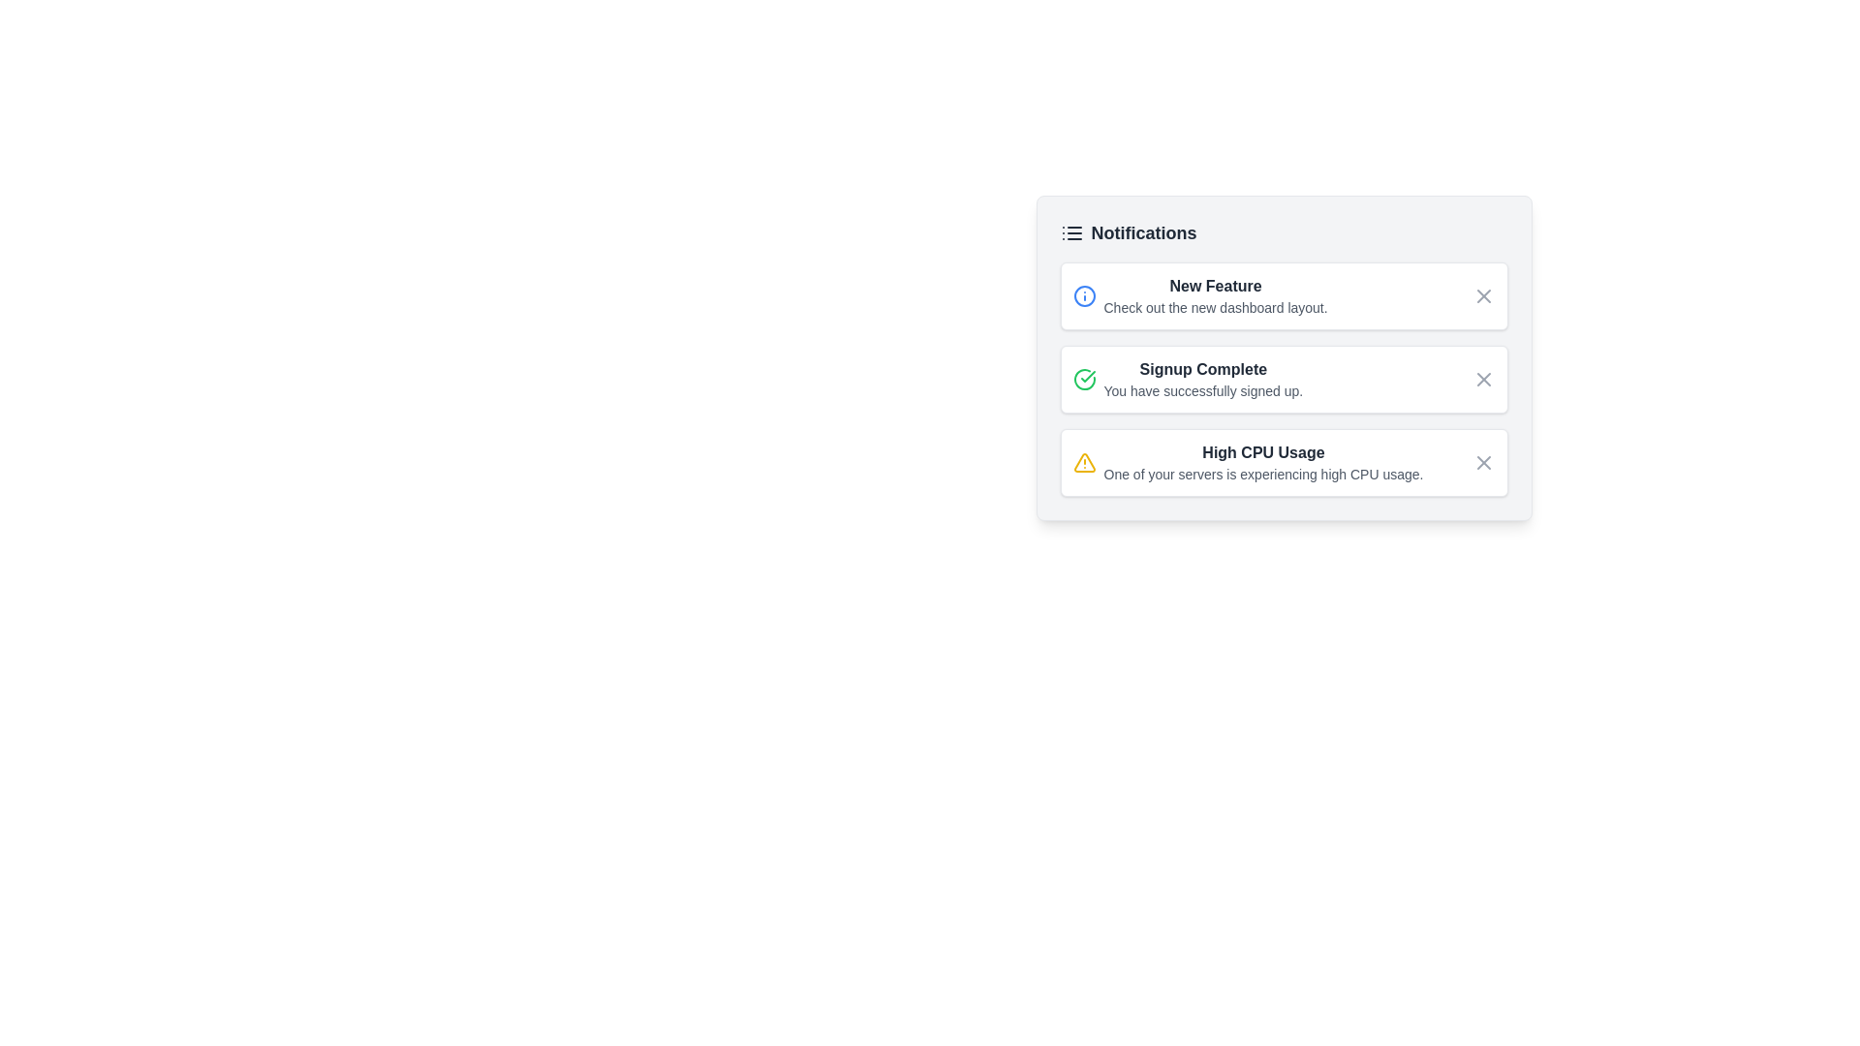 The width and height of the screenshot is (1860, 1046). I want to click on the text label displaying 'High CPU Usage' in bold dark gray within the notification card at the top of the card, so click(1263, 452).